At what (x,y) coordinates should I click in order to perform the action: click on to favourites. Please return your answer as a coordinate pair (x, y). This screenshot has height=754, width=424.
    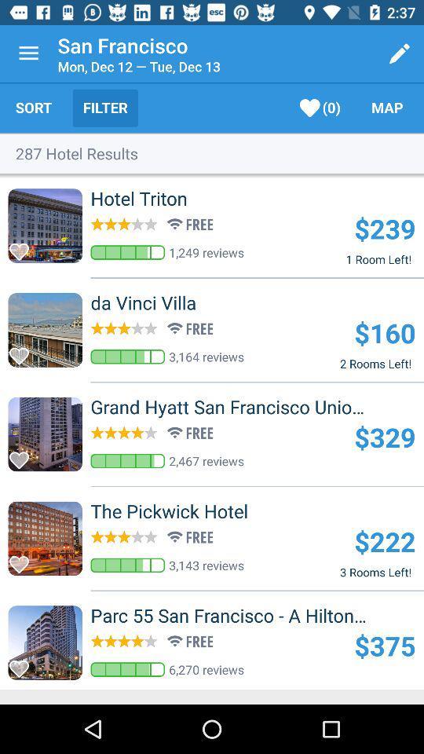
    Looking at the image, I should click on (23, 456).